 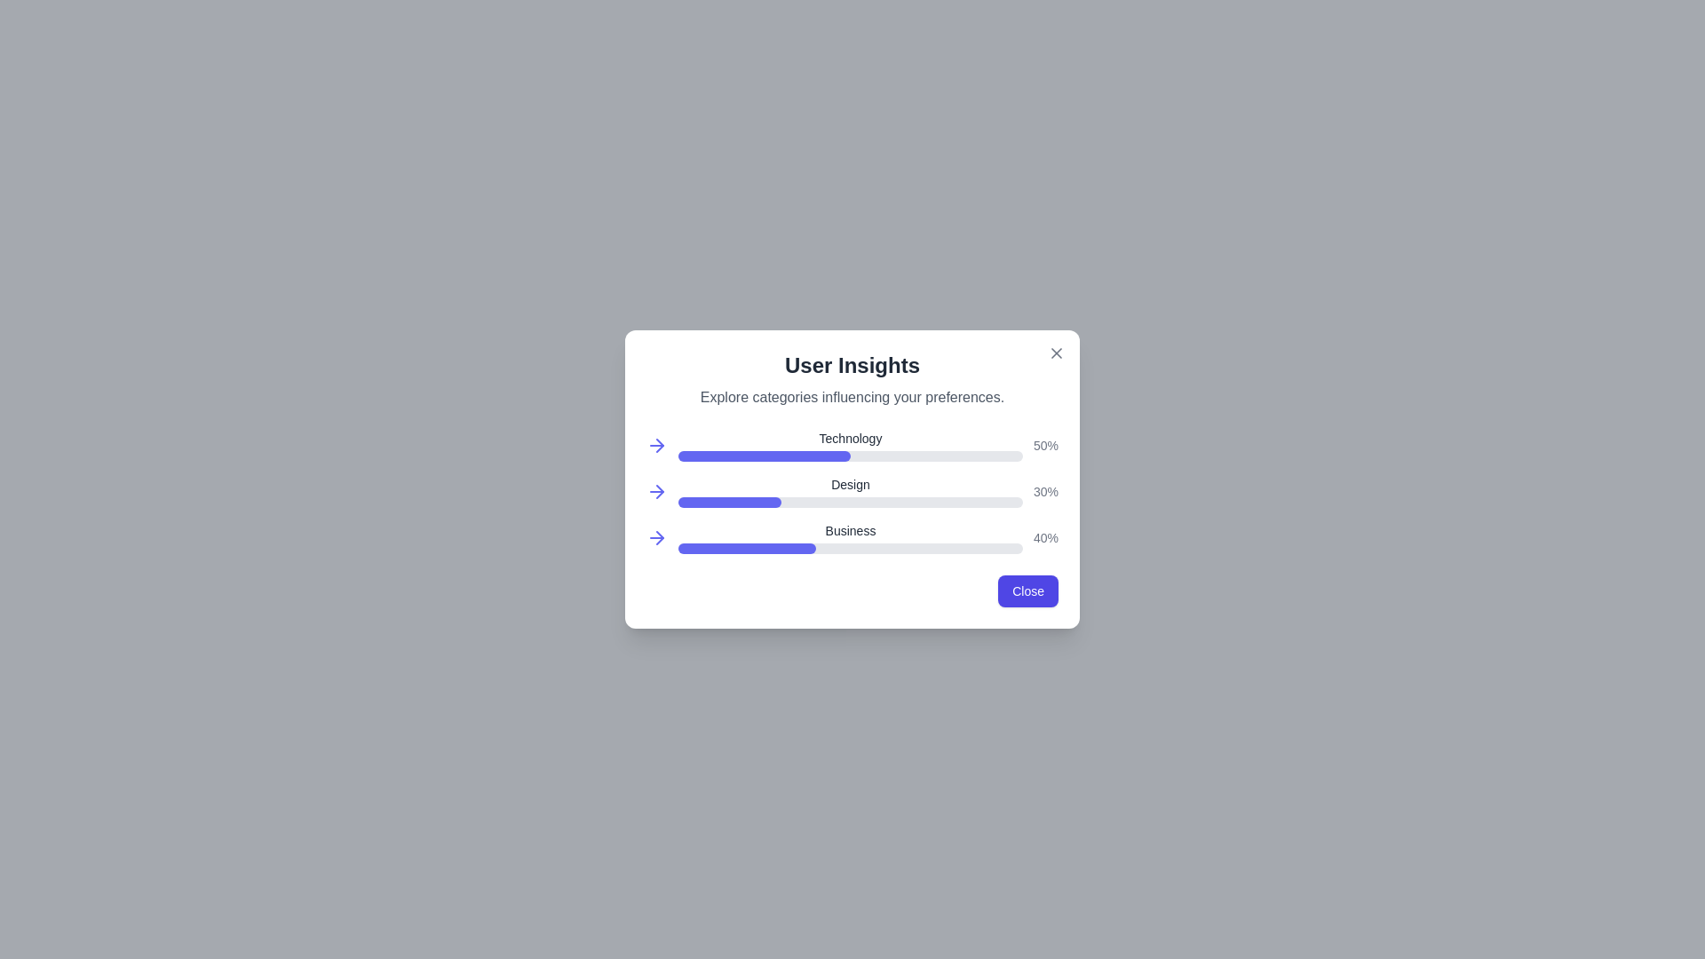 I want to click on the progress bar for Business to view details, so click(x=746, y=536).